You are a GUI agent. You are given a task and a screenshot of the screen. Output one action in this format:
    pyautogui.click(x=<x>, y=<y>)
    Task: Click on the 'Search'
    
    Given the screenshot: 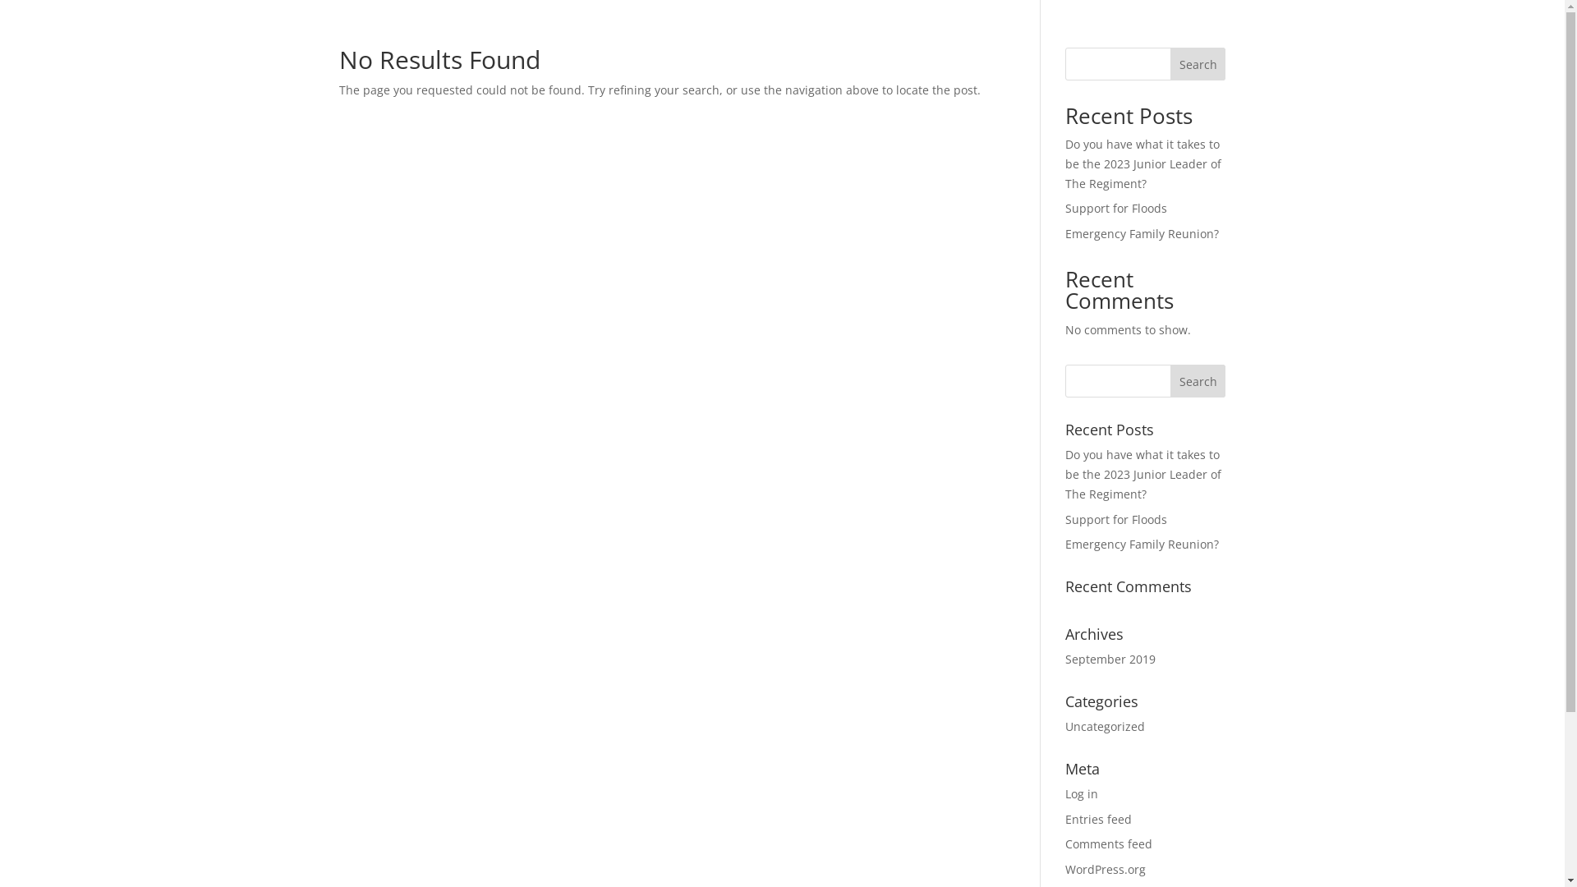 What is the action you would take?
    pyautogui.click(x=1170, y=380)
    